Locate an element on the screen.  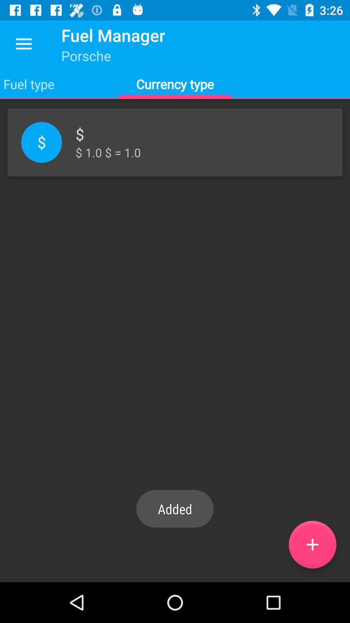
currency is located at coordinates (312, 544).